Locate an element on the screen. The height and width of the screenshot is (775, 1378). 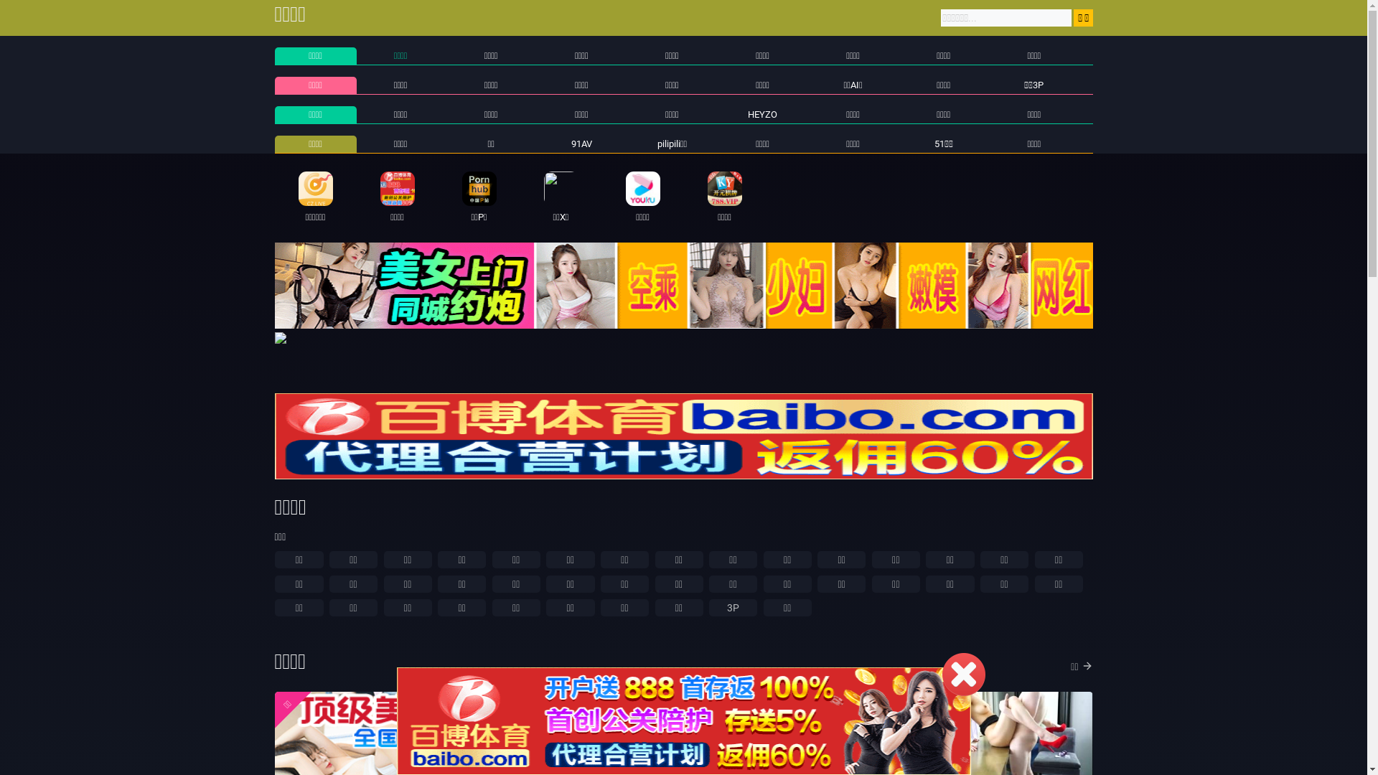
'91AV' is located at coordinates (581, 144).